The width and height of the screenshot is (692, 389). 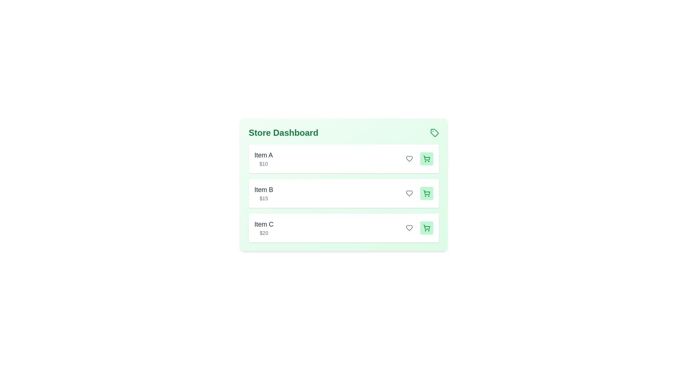 What do you see at coordinates (434, 133) in the screenshot?
I see `the tag icon with a hollow outline and a small green circle inside, located at the far-right of the header row labeled 'Store Dashboard'` at bounding box center [434, 133].